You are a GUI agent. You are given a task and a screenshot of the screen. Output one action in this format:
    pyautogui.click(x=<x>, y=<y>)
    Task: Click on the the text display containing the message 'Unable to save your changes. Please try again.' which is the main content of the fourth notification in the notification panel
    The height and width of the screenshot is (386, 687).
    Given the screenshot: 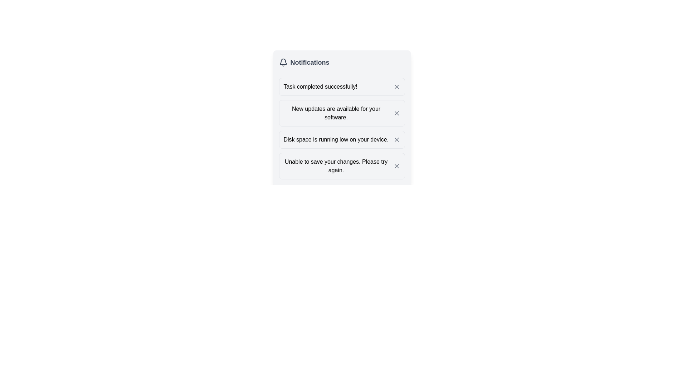 What is the action you would take?
    pyautogui.click(x=336, y=166)
    